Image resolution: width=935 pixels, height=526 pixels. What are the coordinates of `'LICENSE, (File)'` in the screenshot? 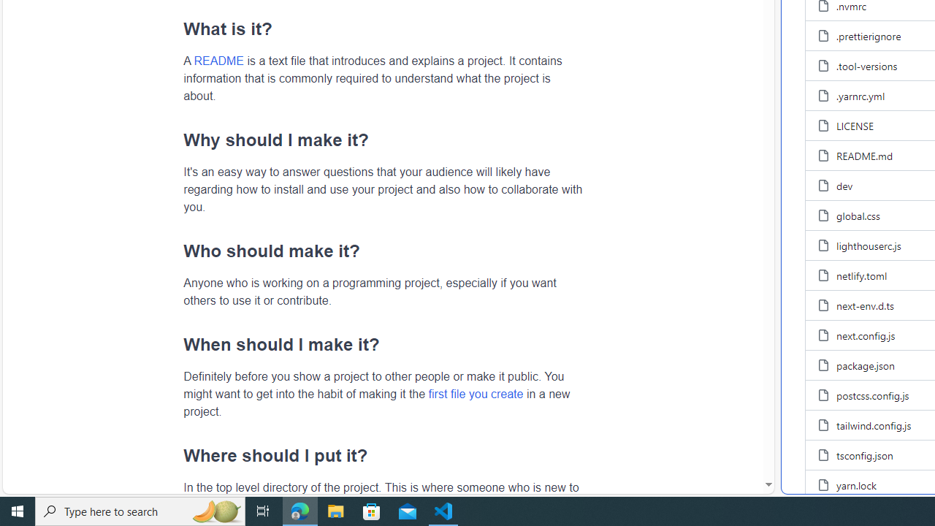 It's located at (855, 125).